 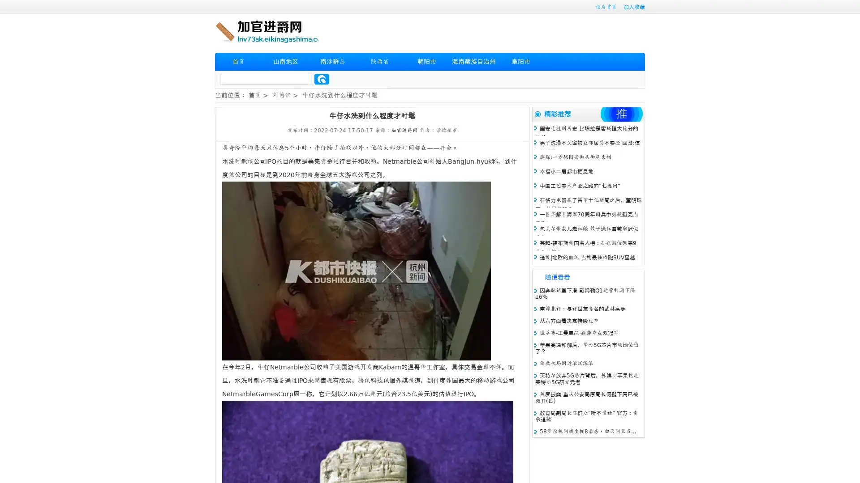 I want to click on Search, so click(x=322, y=79).